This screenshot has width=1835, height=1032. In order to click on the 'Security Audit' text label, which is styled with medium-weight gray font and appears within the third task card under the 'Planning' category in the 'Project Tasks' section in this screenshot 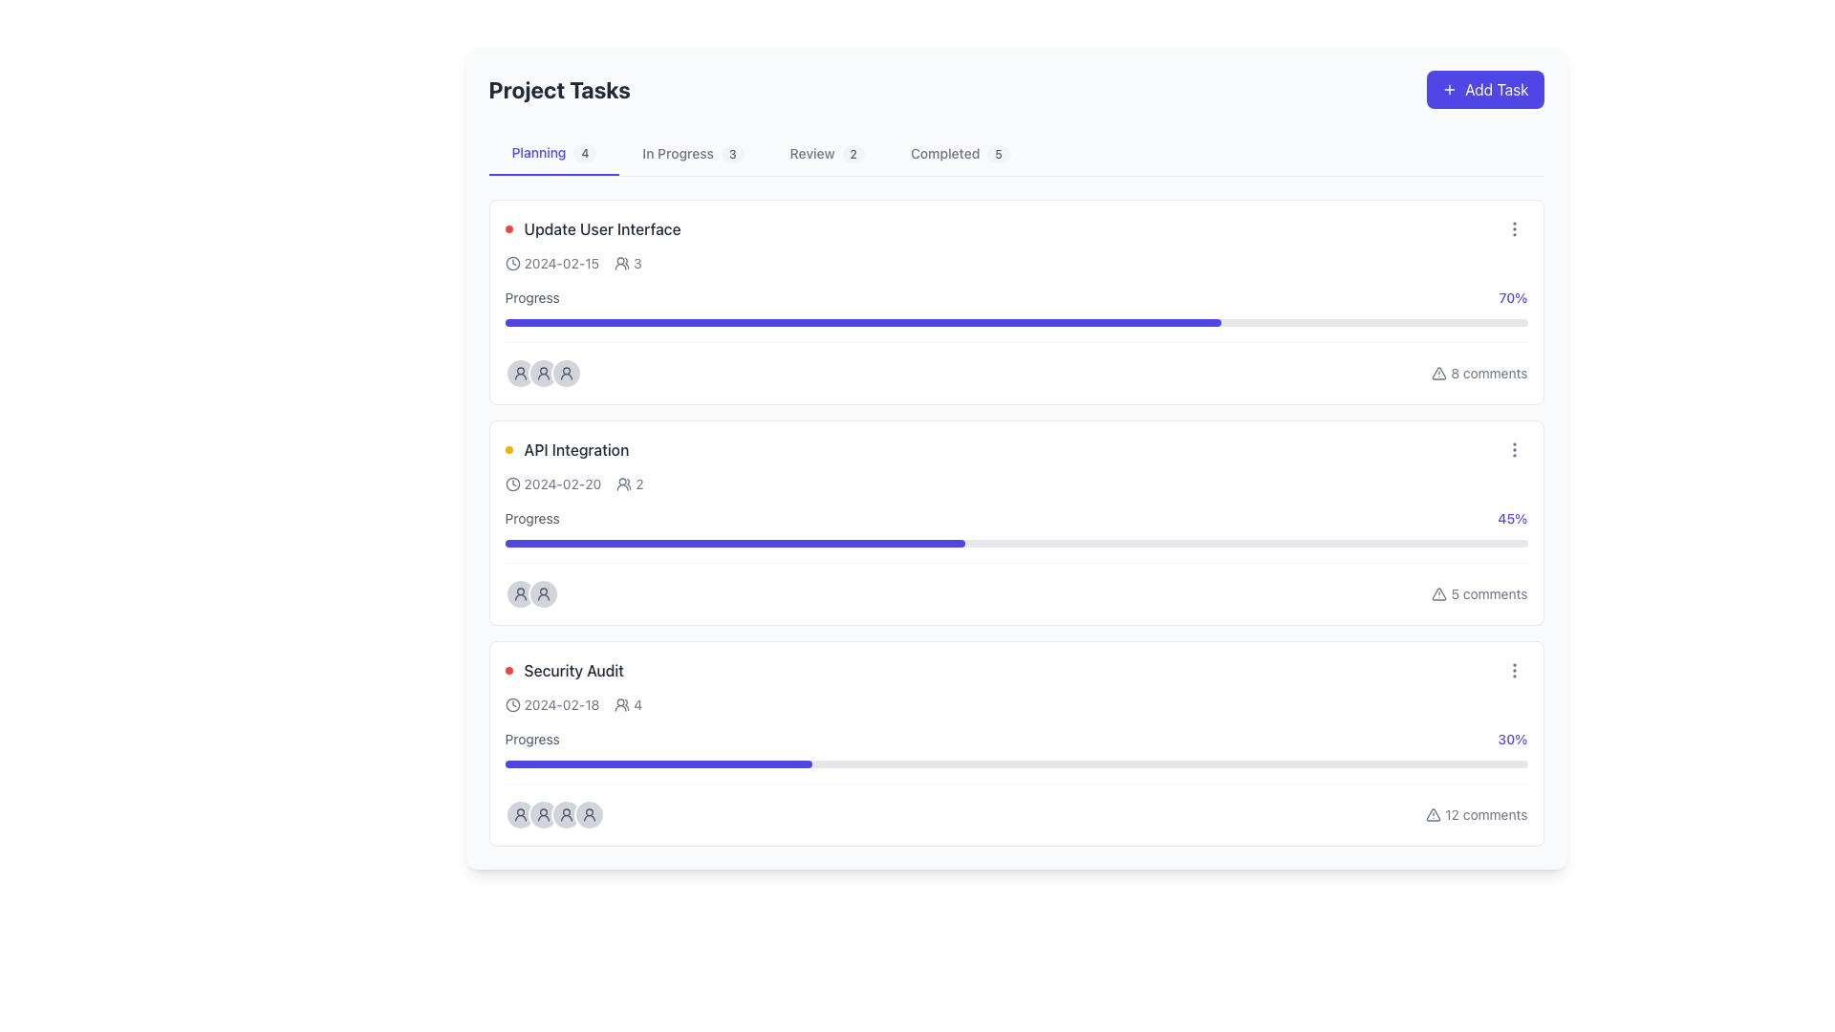, I will do `click(572, 670)`.